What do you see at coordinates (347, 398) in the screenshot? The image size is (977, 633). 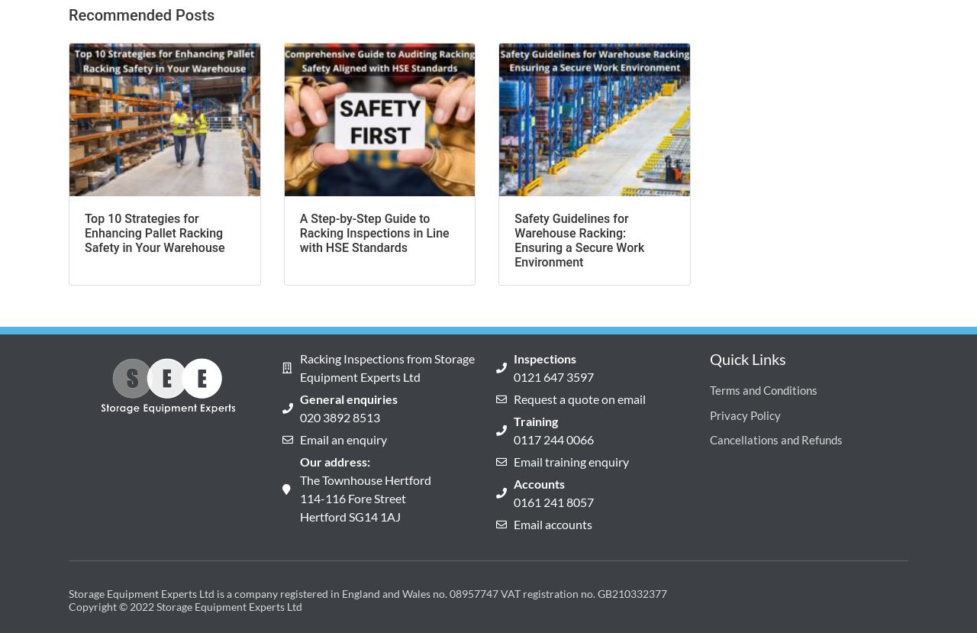 I see `'General enquiries'` at bounding box center [347, 398].